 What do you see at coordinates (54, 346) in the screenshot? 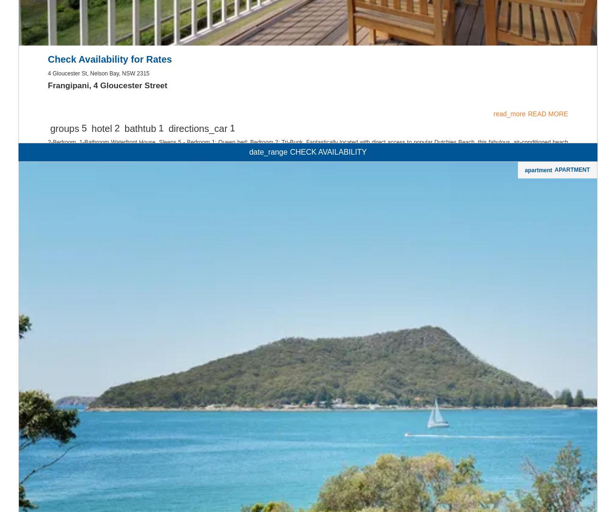
I see `'Dutchies Beach'` at bounding box center [54, 346].